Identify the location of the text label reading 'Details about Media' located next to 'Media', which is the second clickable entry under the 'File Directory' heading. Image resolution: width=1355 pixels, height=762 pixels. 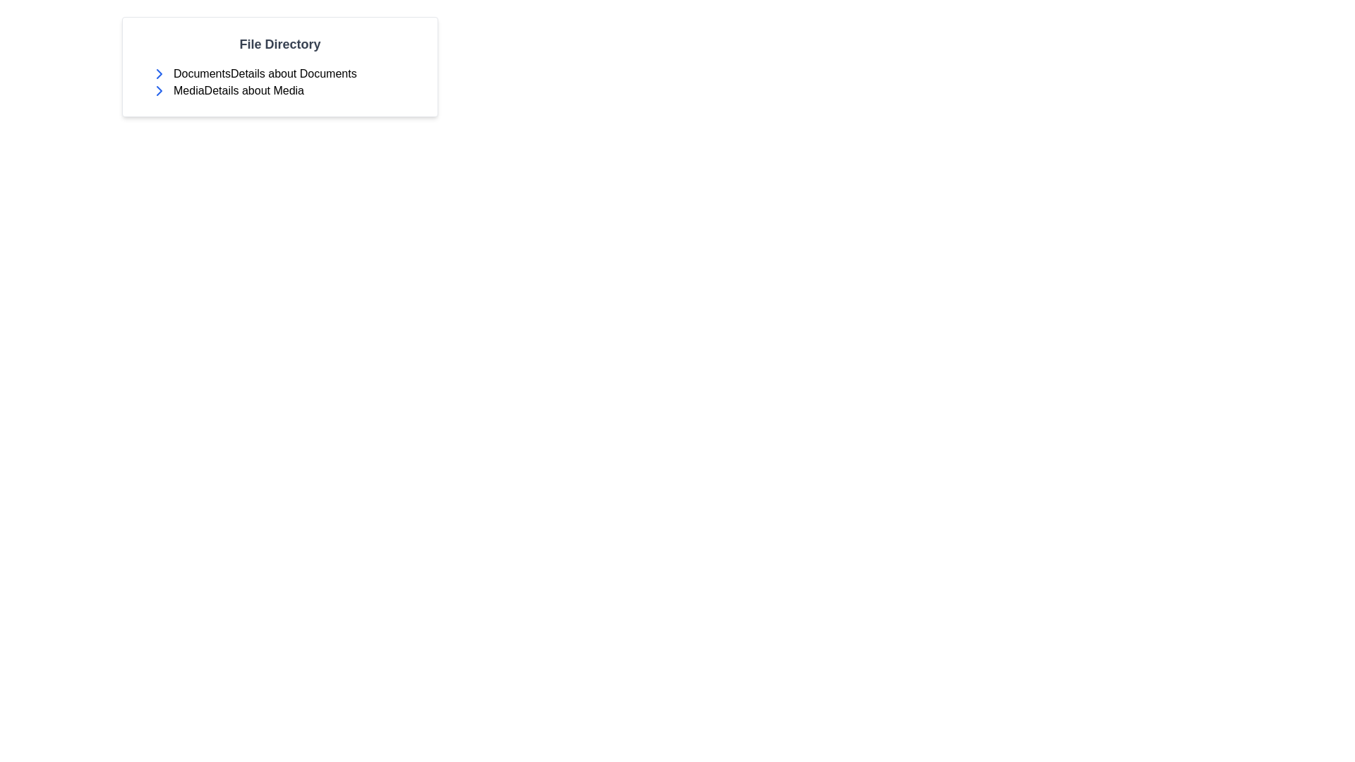
(254, 90).